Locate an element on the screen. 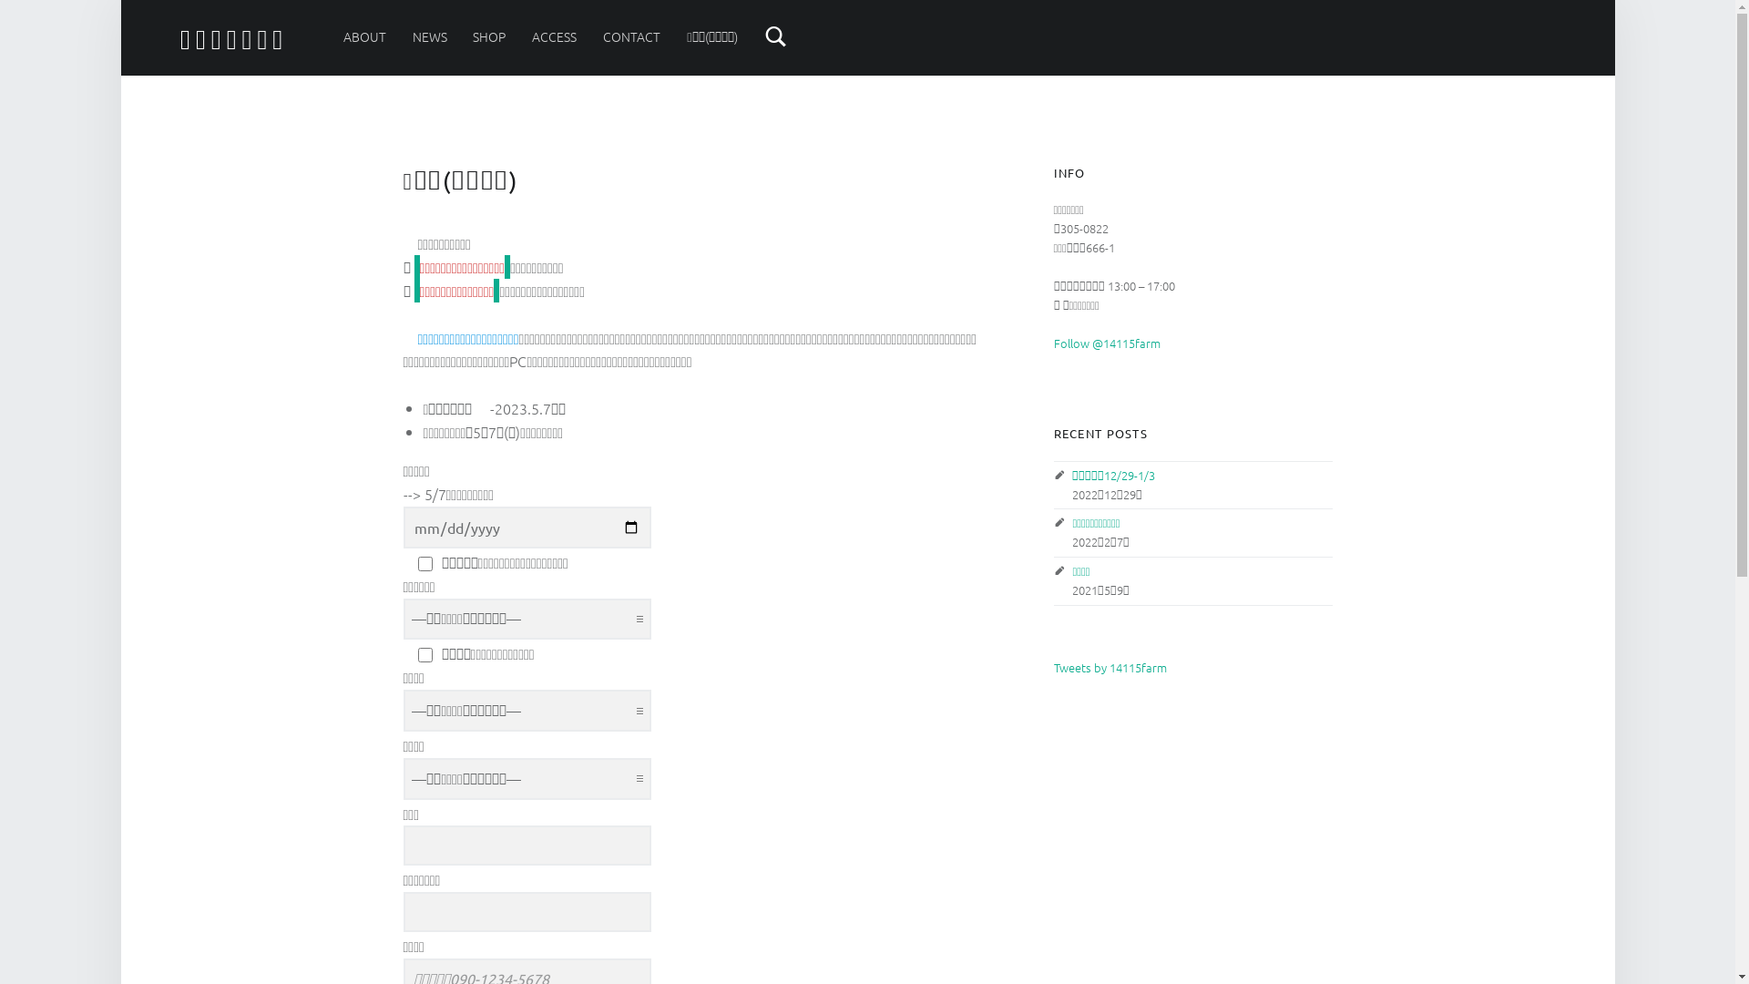 This screenshot has height=984, width=1749. 'CONTACT' is located at coordinates (631, 36).